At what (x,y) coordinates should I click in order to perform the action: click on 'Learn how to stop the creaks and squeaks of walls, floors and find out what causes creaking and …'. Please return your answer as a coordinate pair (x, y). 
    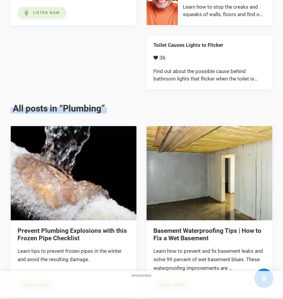
    Looking at the image, I should click on (223, 14).